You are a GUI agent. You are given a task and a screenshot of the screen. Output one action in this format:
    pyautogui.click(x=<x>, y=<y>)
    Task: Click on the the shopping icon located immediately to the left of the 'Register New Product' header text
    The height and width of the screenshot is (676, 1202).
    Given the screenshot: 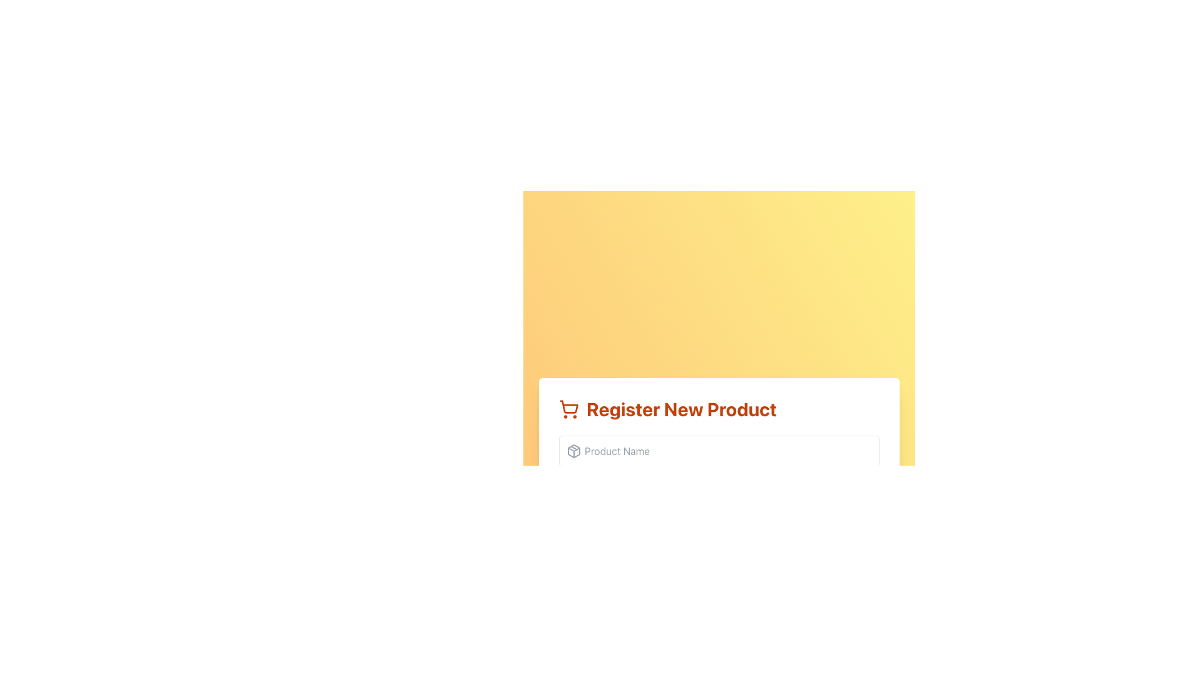 What is the action you would take?
    pyautogui.click(x=568, y=409)
    